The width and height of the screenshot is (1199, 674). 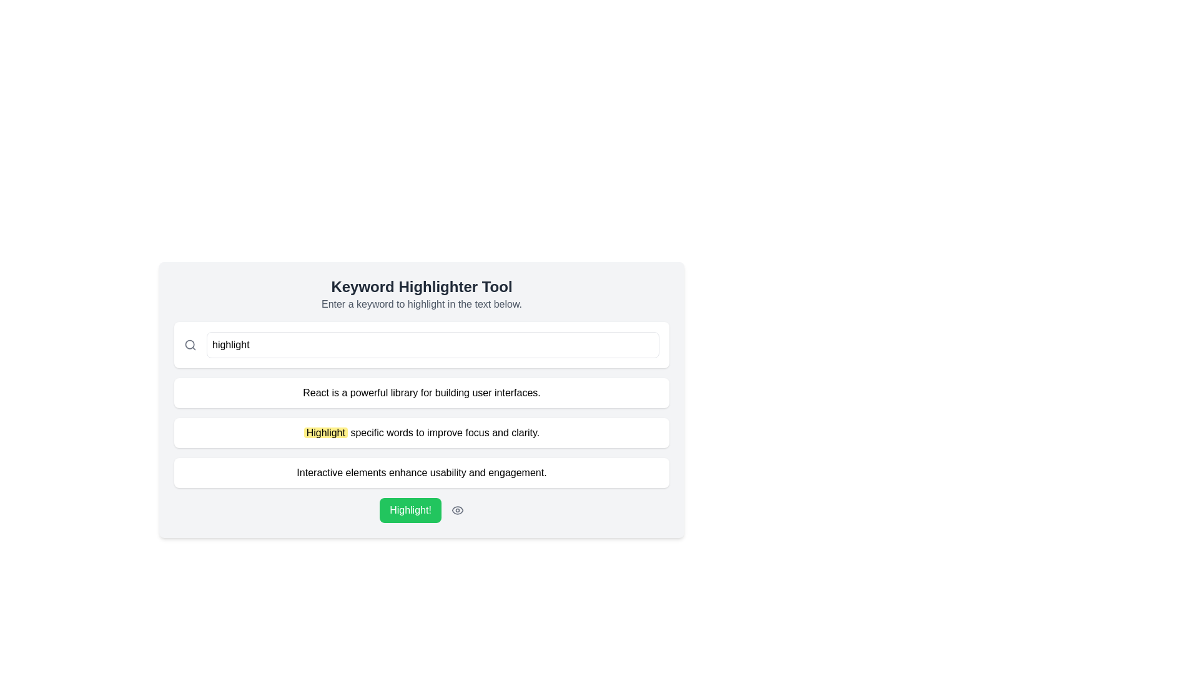 What do you see at coordinates (410, 510) in the screenshot?
I see `the highlight button located near the bottom of the interface, which is the leftmost element in a horizontal row, to observe style changes` at bounding box center [410, 510].